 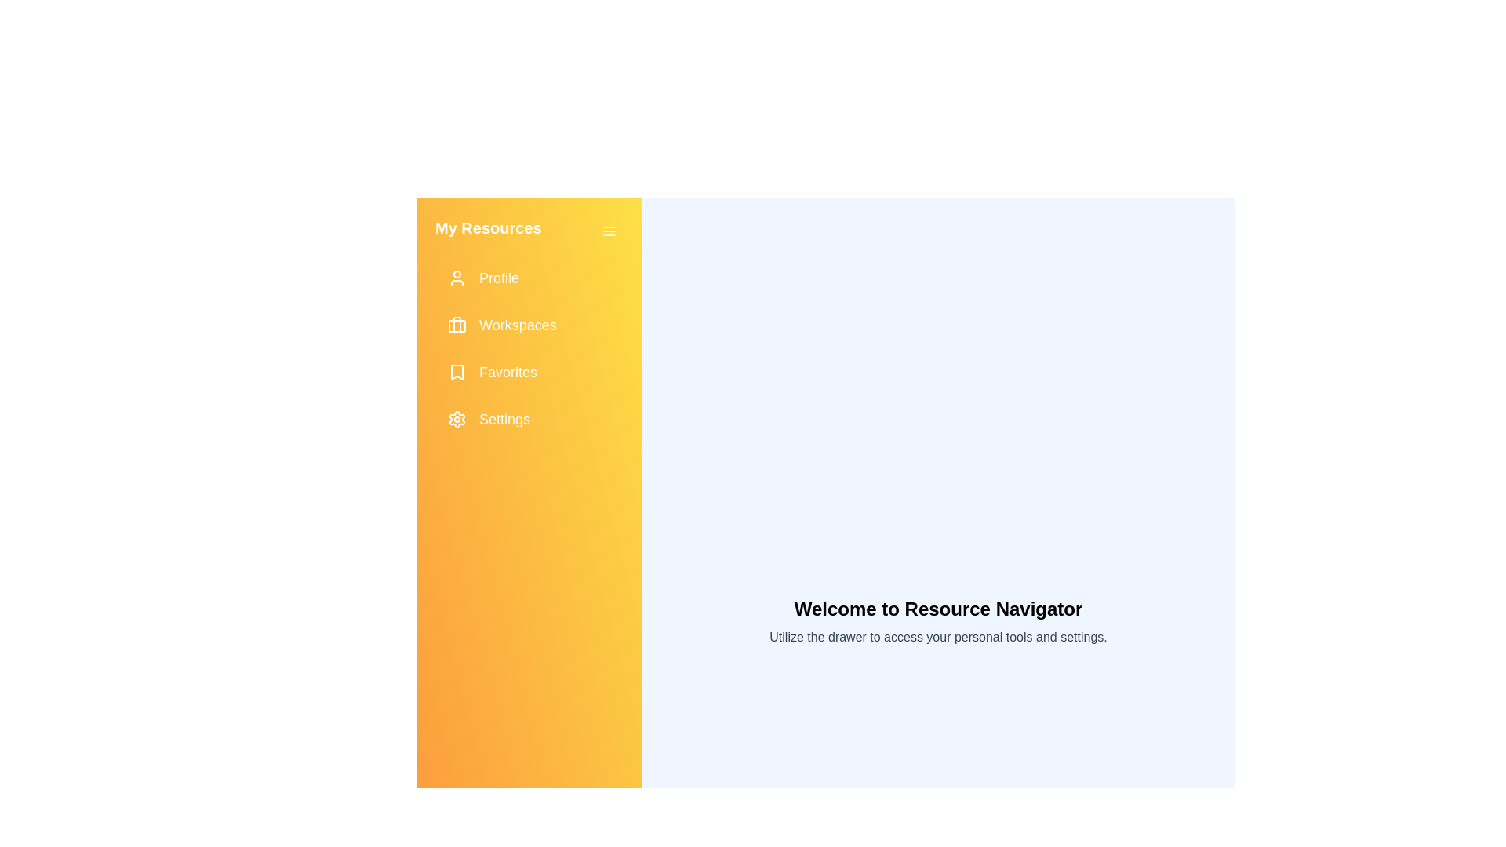 I want to click on the Settings button in the navigation drawer, so click(x=529, y=419).